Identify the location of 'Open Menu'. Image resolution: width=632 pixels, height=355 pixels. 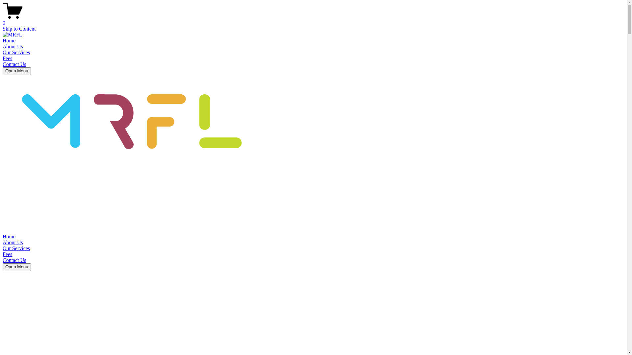
(17, 267).